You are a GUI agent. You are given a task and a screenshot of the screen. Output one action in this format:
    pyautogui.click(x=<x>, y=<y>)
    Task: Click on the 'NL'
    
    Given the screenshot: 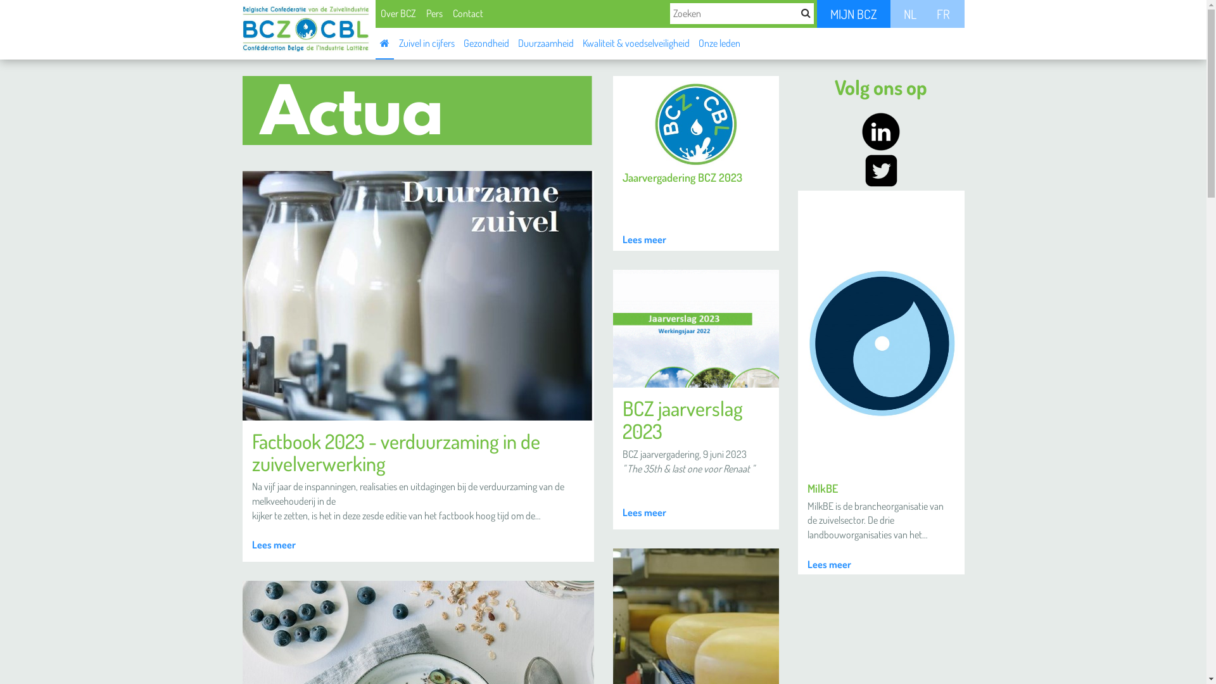 What is the action you would take?
    pyautogui.click(x=909, y=14)
    